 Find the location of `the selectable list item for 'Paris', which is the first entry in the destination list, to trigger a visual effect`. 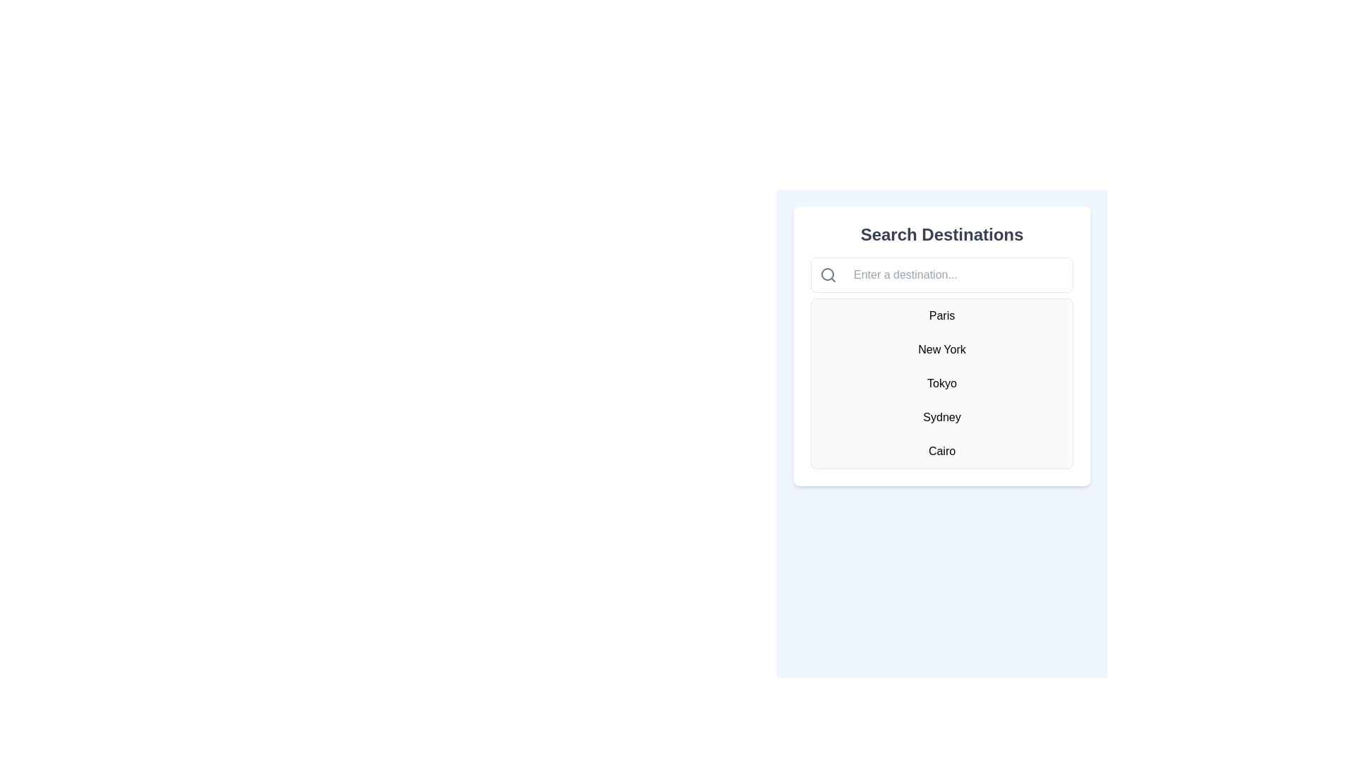

the selectable list item for 'Paris', which is the first entry in the destination list, to trigger a visual effect is located at coordinates (942, 315).